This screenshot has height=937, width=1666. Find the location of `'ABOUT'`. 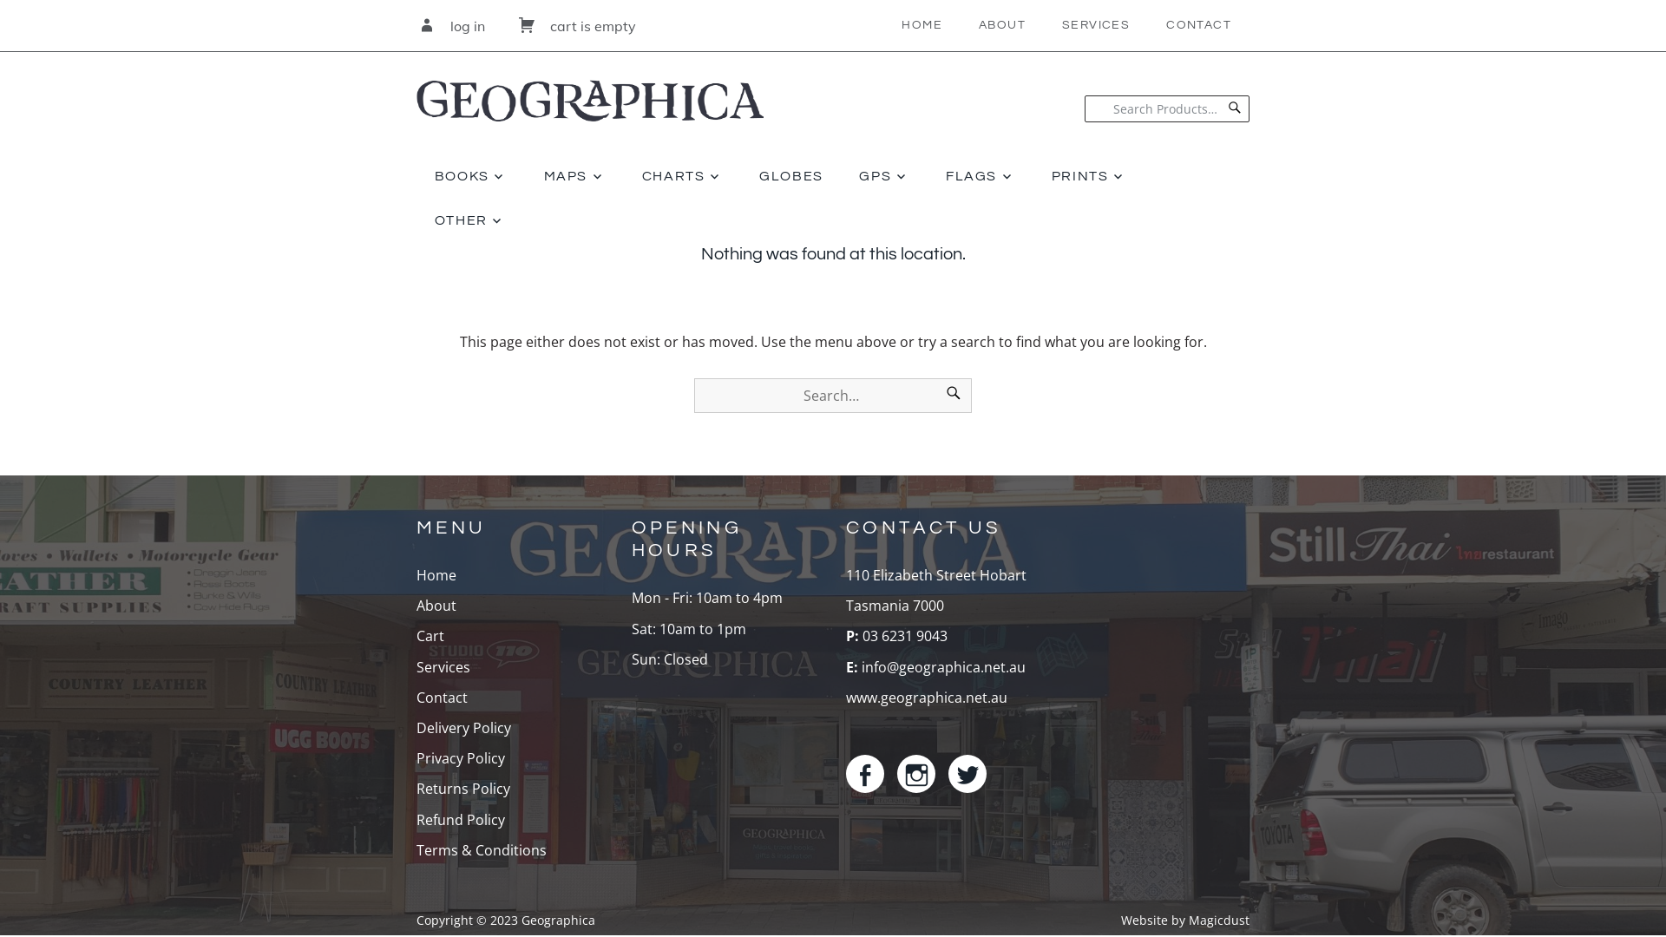

'ABOUT' is located at coordinates (1002, 25).